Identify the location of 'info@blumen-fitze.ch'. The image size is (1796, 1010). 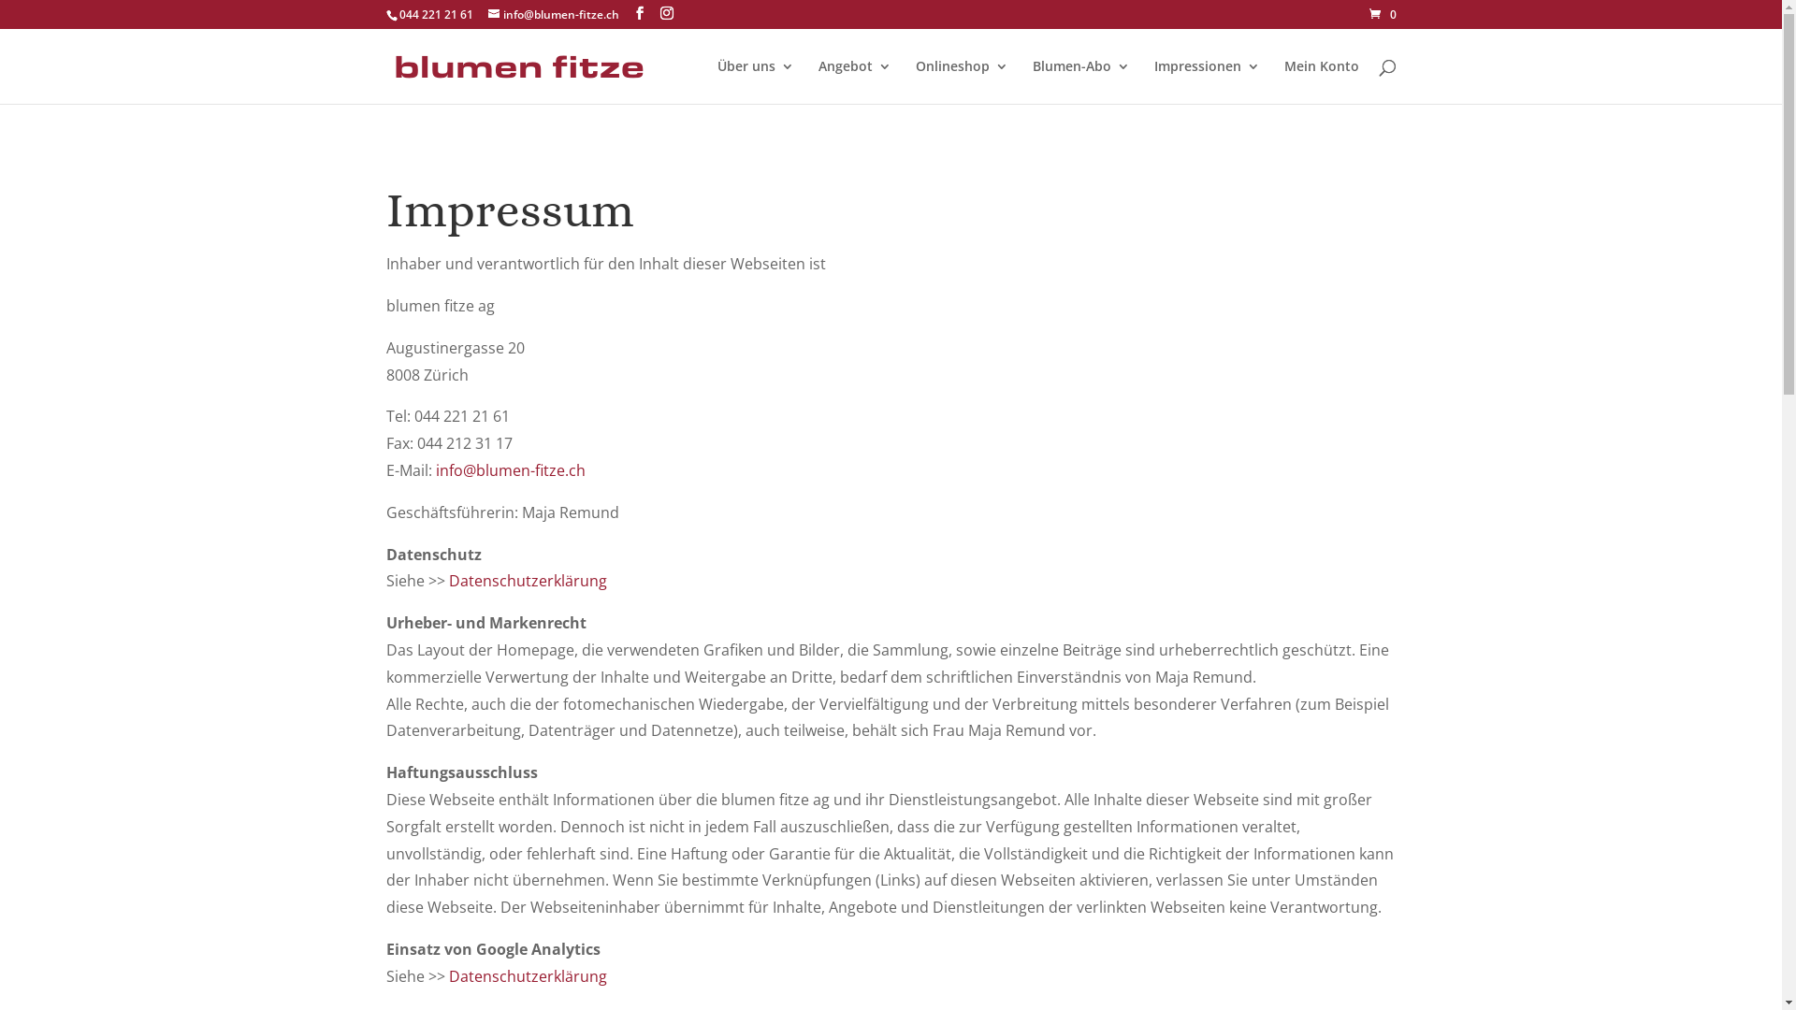
(552, 14).